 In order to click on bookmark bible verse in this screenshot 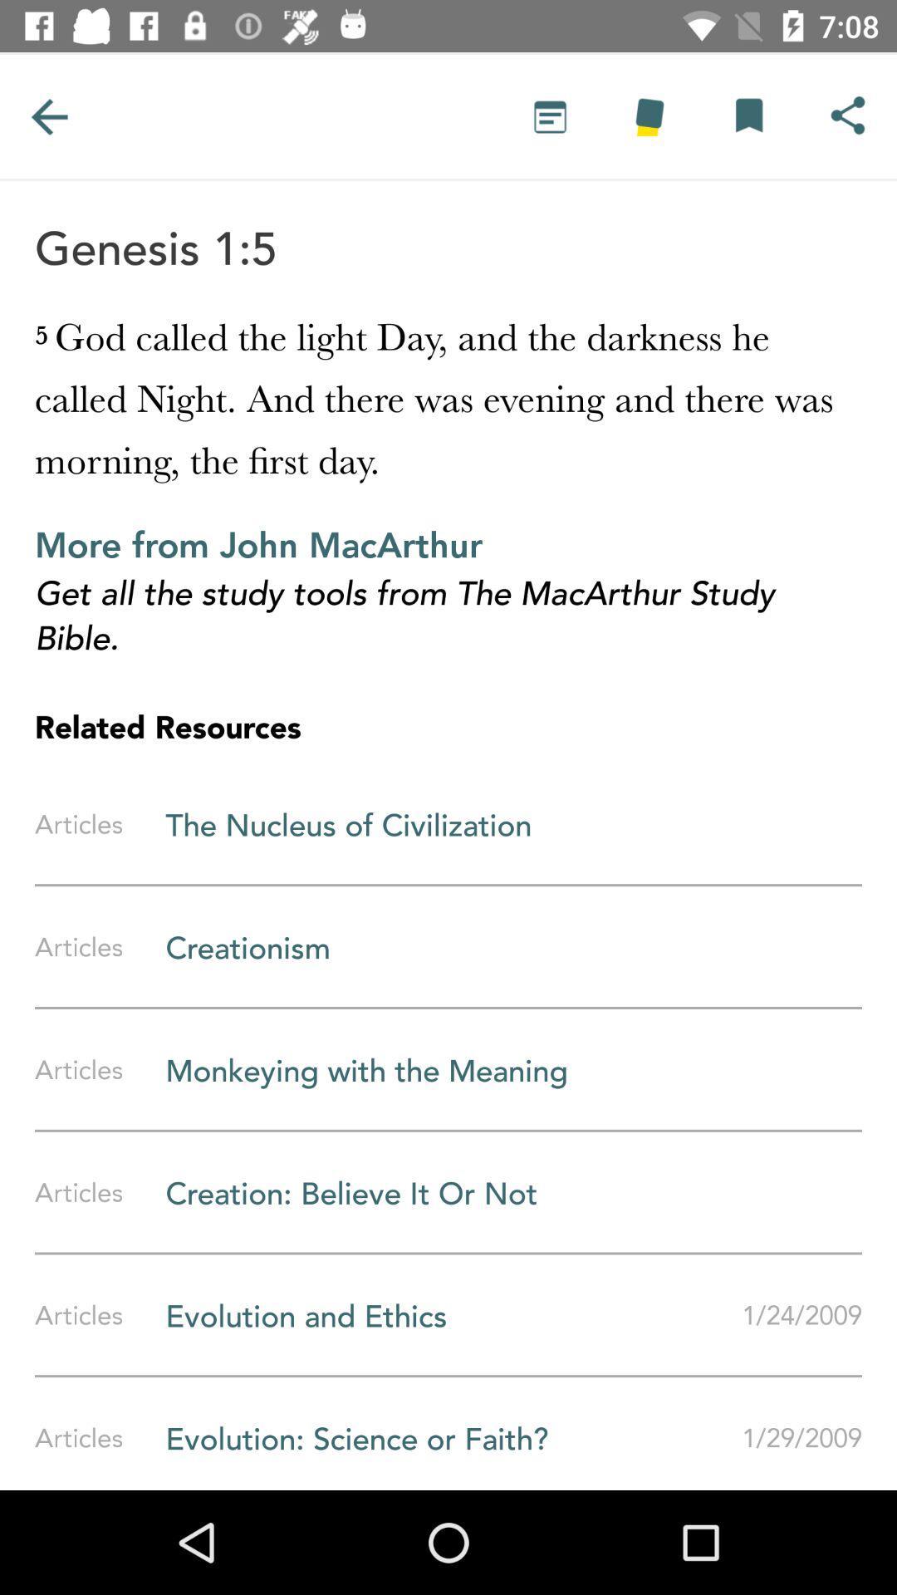, I will do `click(748, 115)`.